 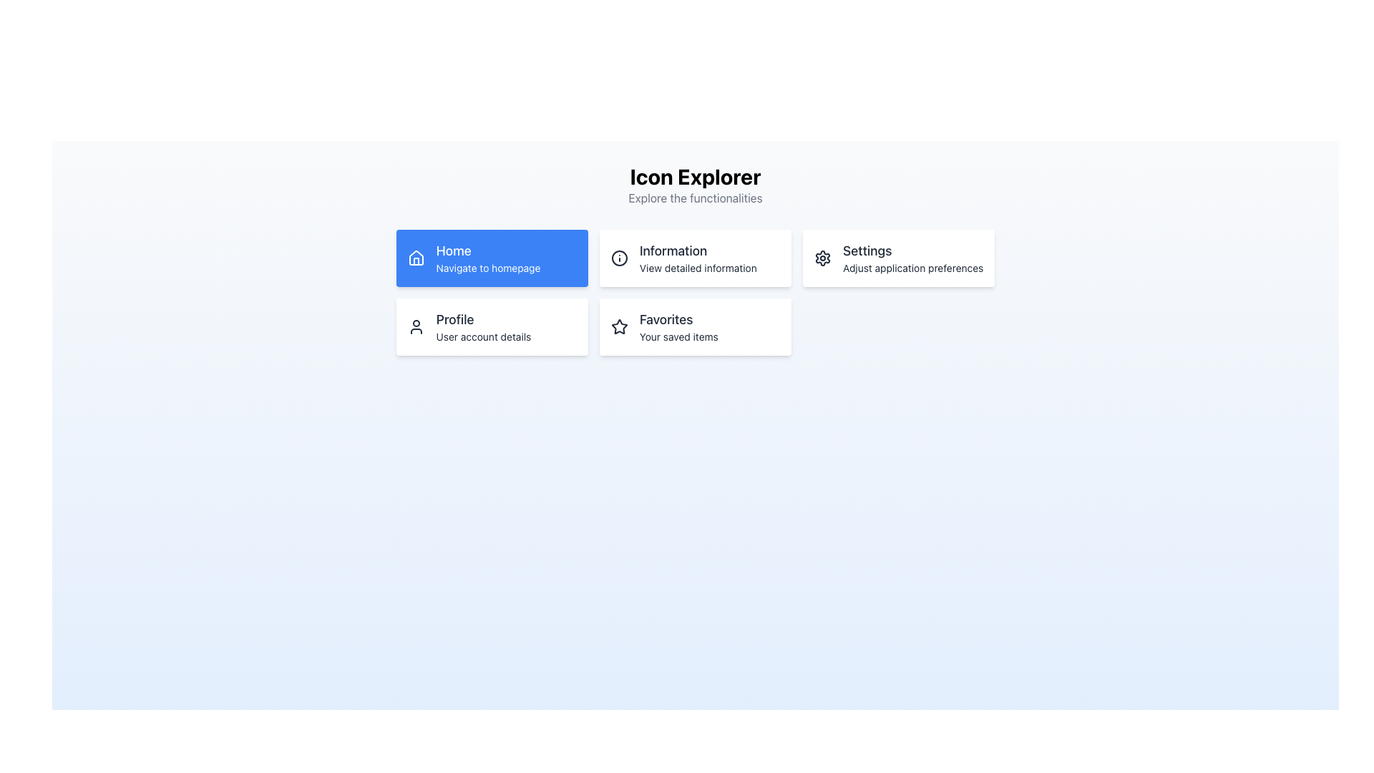 What do you see at coordinates (823, 258) in the screenshot?
I see `the gear-shaped settings icon` at bounding box center [823, 258].